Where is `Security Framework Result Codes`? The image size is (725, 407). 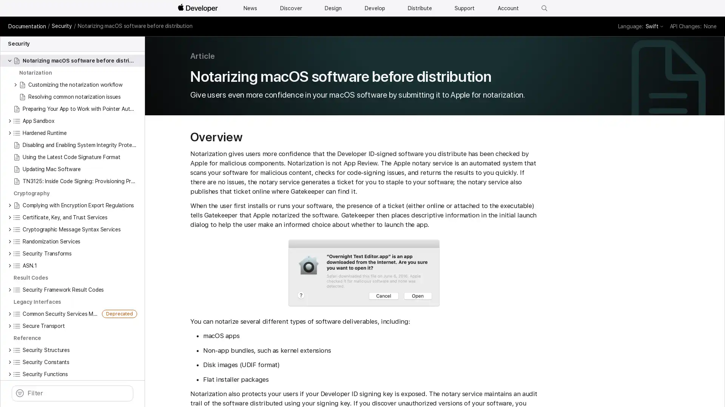
Security Framework Result Codes is located at coordinates (9, 294).